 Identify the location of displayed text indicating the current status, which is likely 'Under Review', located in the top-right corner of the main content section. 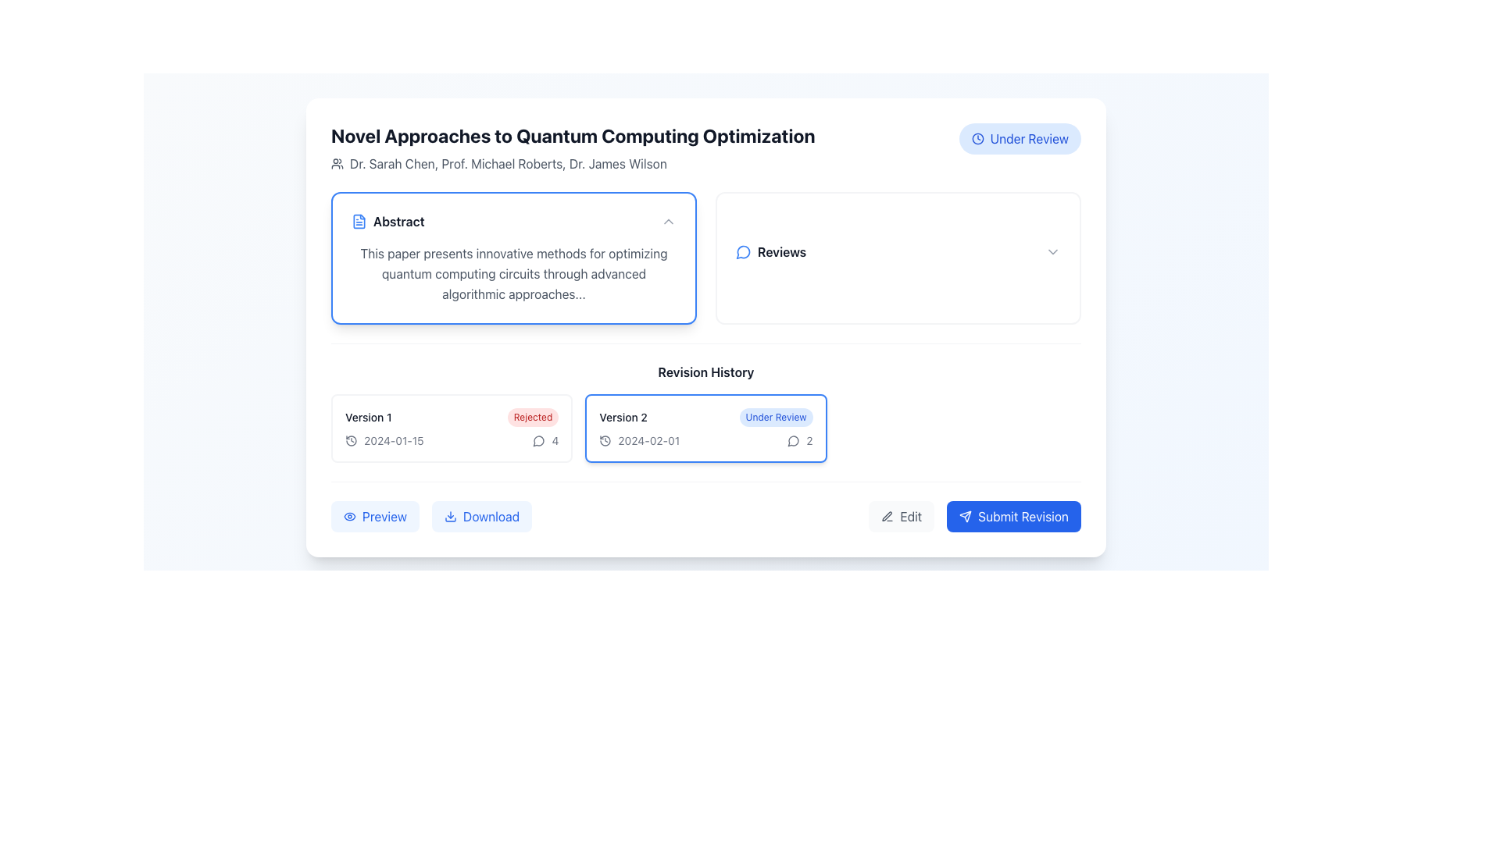
(1029, 137).